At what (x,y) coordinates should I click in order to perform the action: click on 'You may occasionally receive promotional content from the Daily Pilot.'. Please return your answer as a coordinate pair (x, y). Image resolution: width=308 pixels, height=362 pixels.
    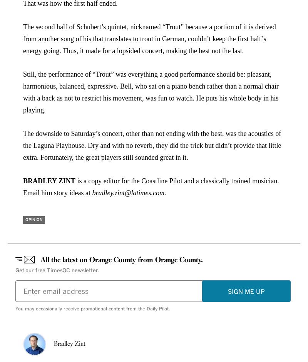
    Looking at the image, I should click on (92, 309).